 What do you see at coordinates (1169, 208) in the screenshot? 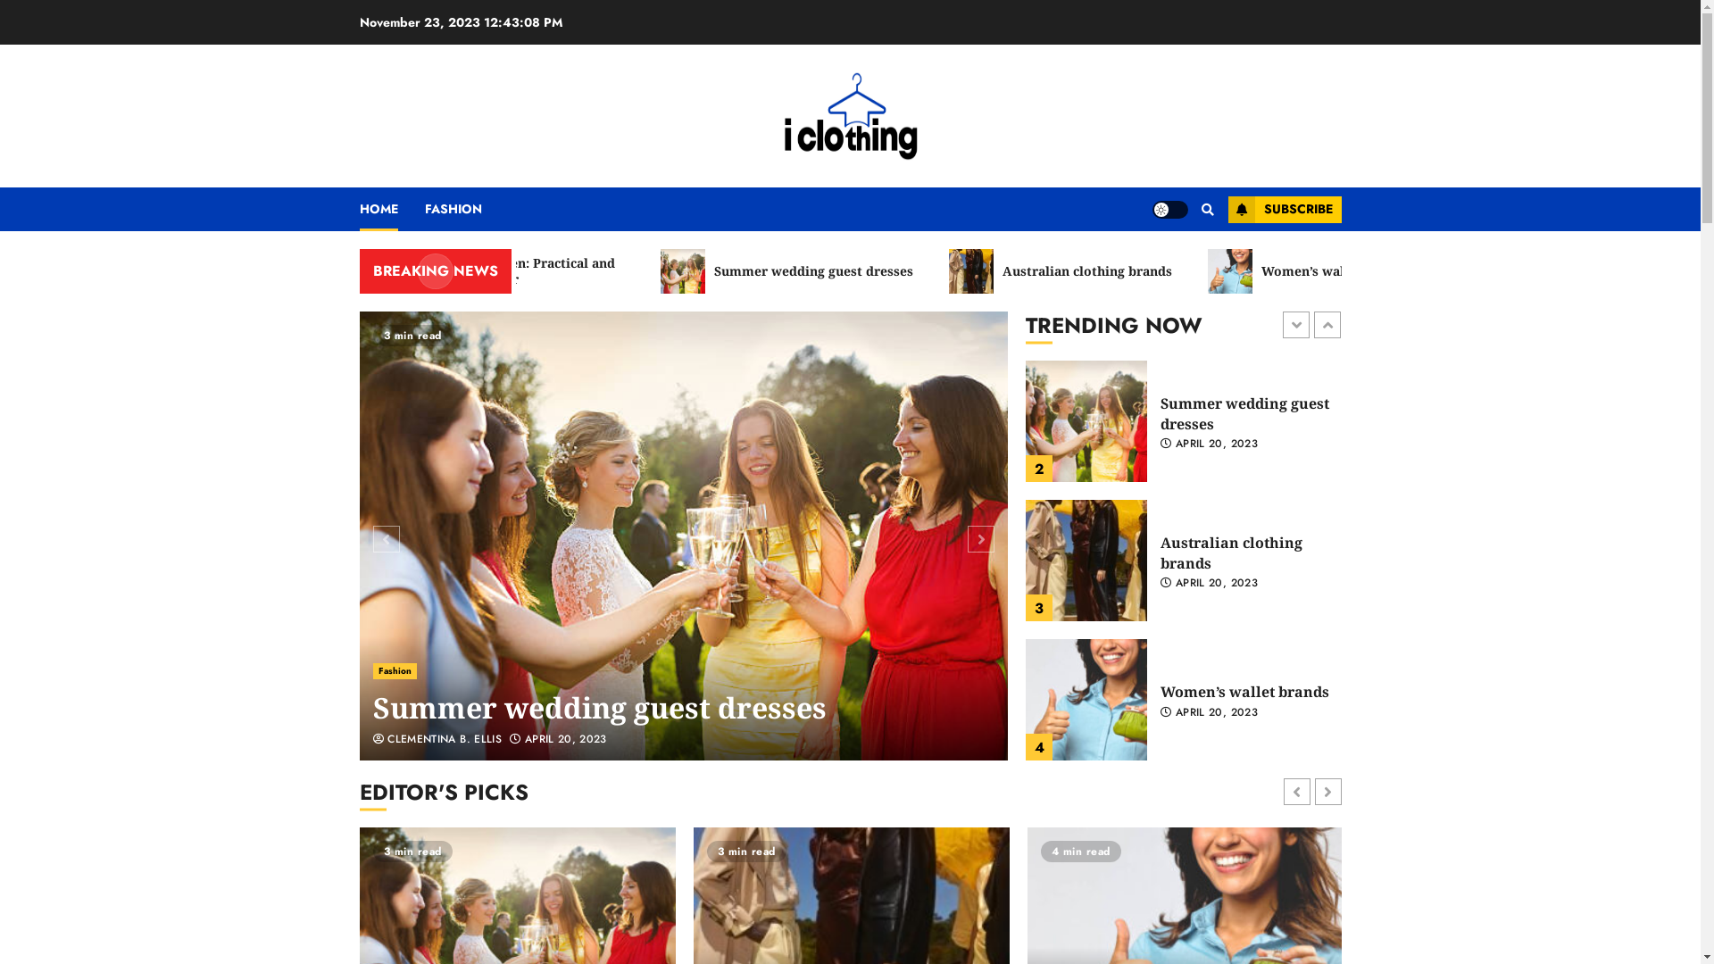
I see `'Light/Dark Button'` at bounding box center [1169, 208].